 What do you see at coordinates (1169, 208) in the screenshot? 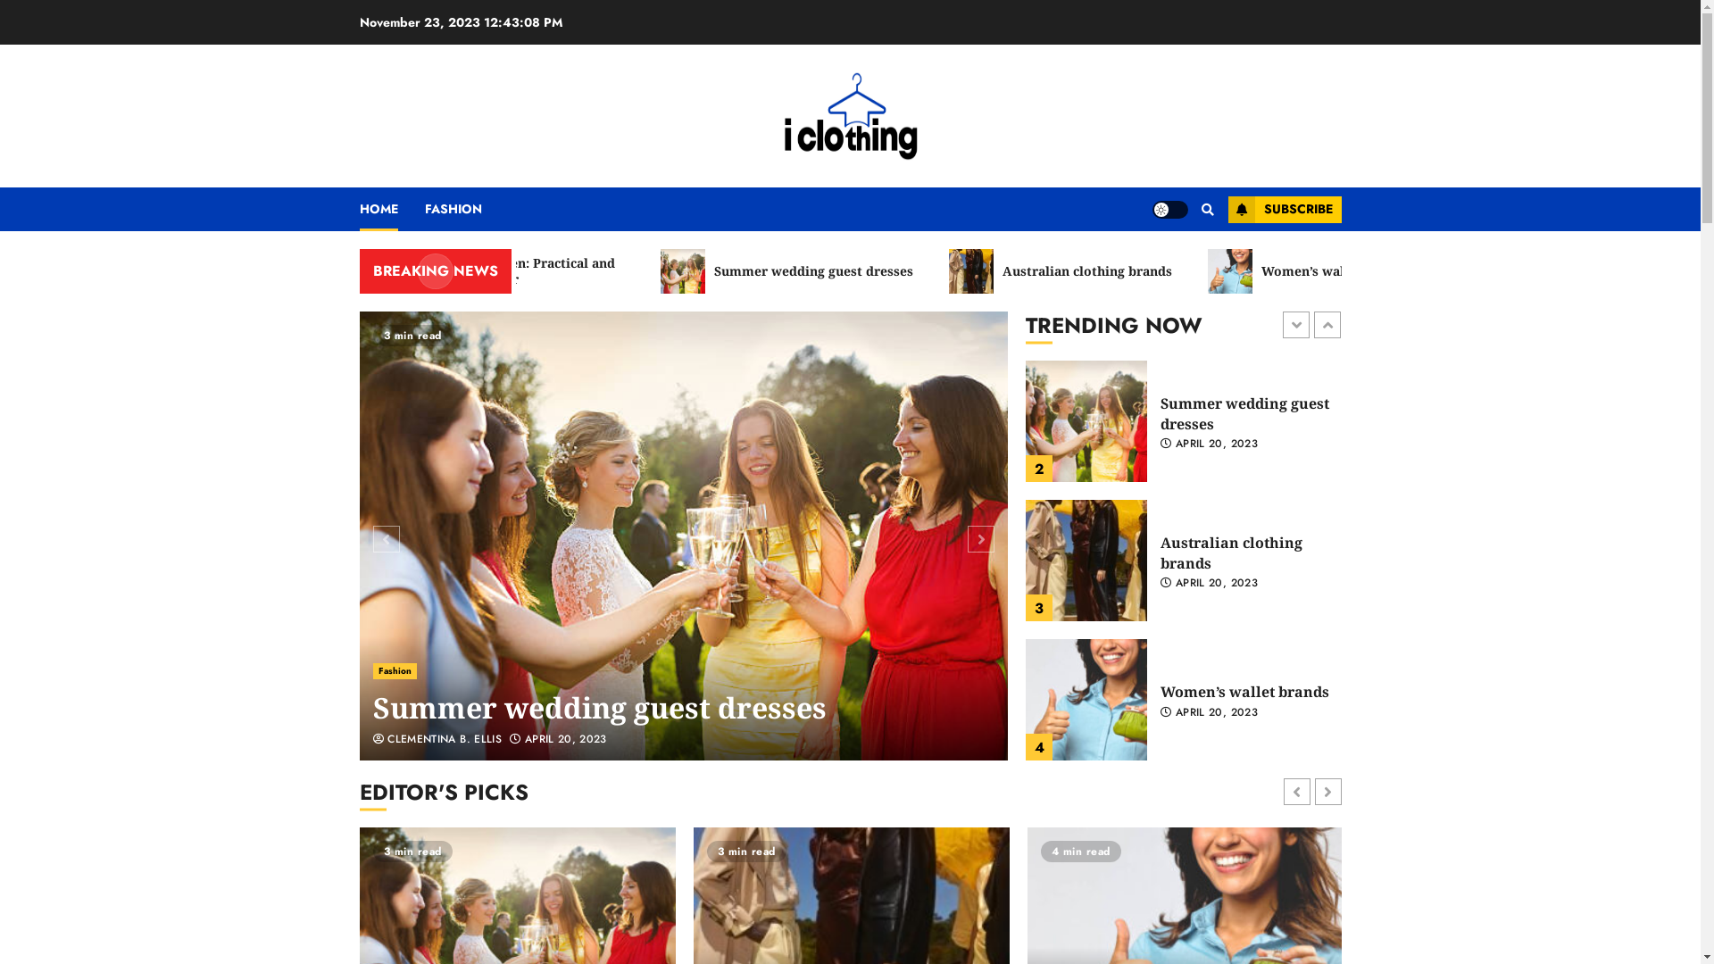
I see `'Light/Dark Button'` at bounding box center [1169, 208].